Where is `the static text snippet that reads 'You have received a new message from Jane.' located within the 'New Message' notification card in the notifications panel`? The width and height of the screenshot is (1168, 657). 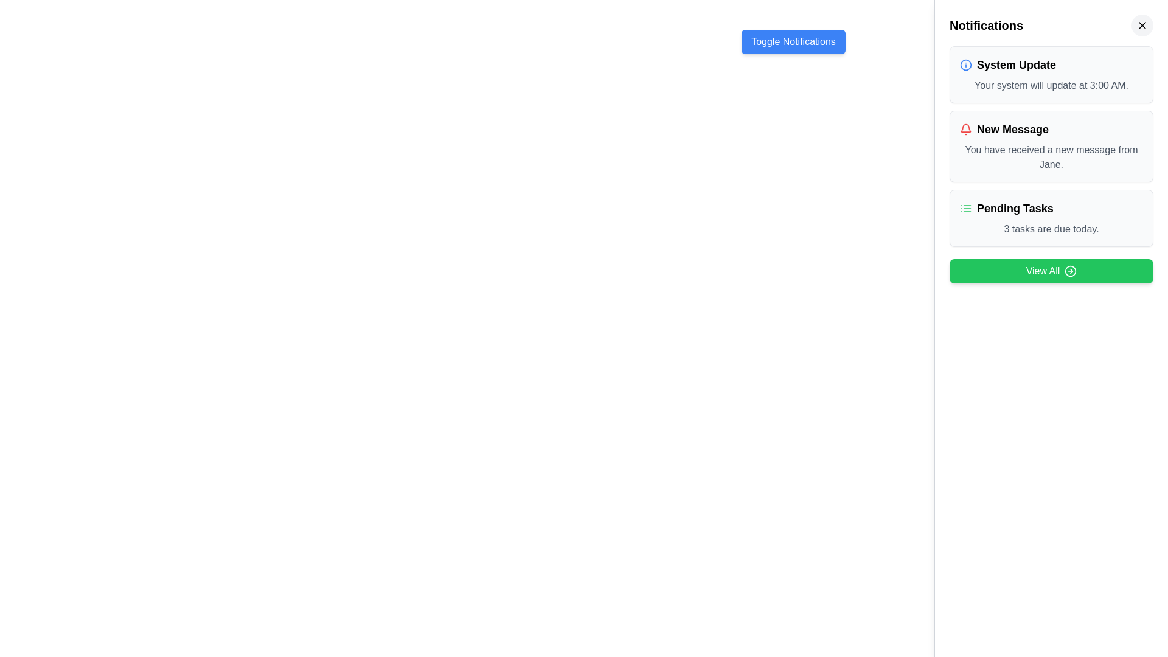
the static text snippet that reads 'You have received a new message from Jane.' located within the 'New Message' notification card in the notifications panel is located at coordinates (1051, 156).